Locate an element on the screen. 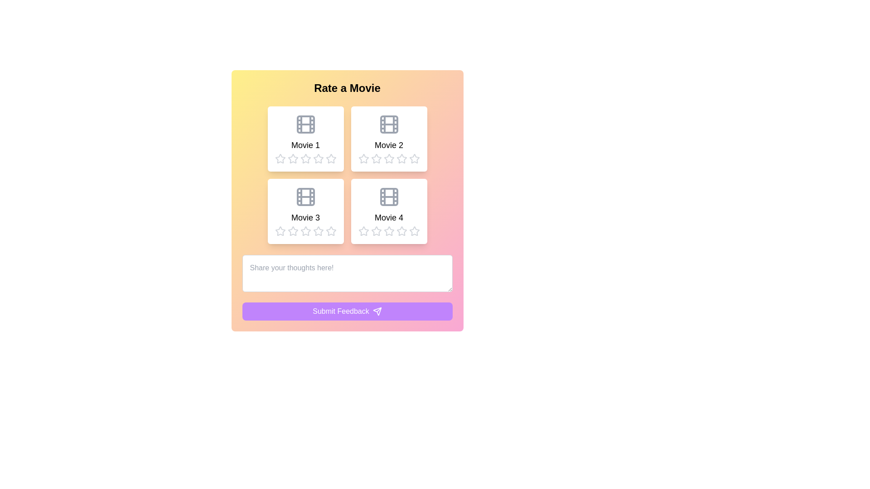 The image size is (870, 489). the star icon in the second row, fourth column of the rating grid under 'Movie 4' to rate it is located at coordinates (414, 230).